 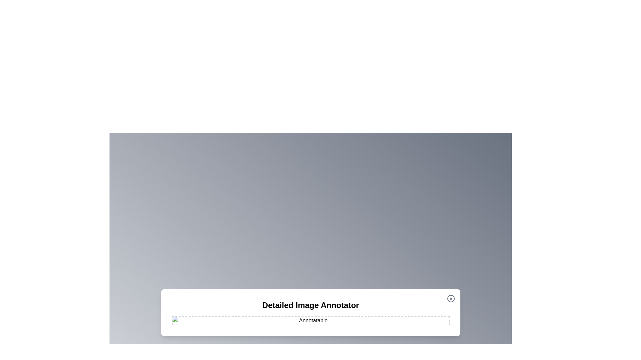 I want to click on the image at coordinates (1070, 963) to add an annotation, so click(x=357, y=321).